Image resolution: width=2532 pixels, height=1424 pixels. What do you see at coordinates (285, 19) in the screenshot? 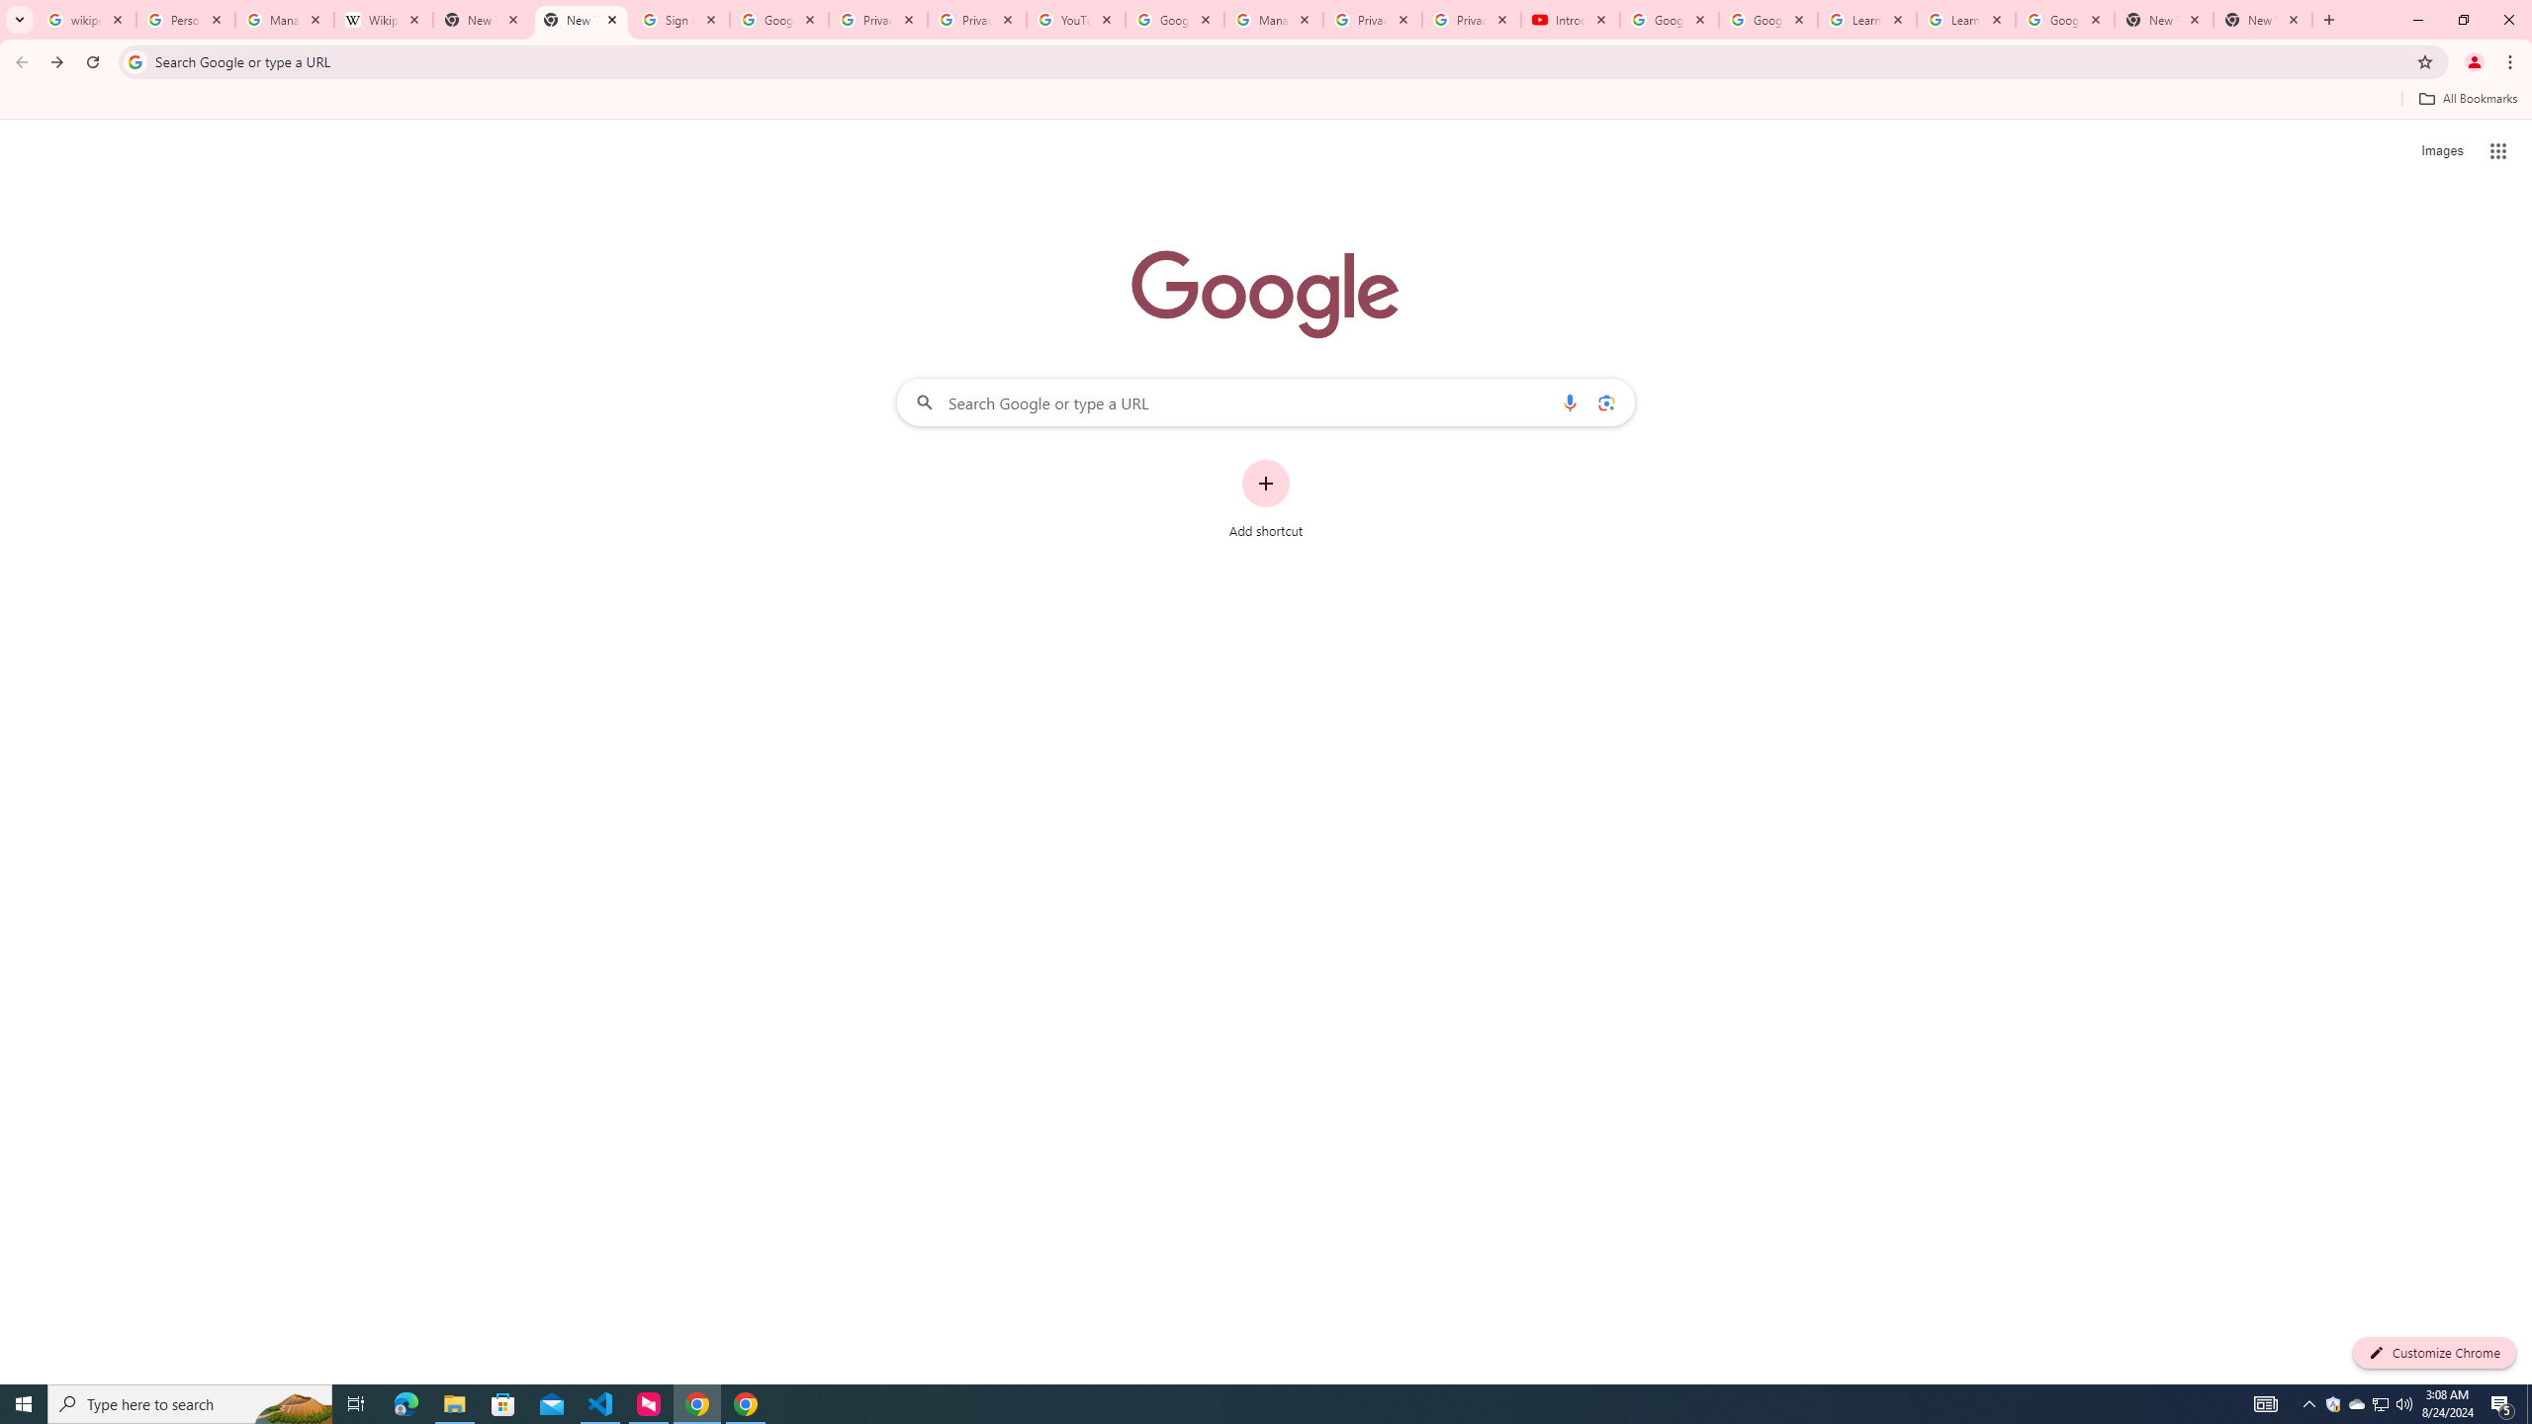
I see `'Manage your Location History - Google Search Help'` at bounding box center [285, 19].